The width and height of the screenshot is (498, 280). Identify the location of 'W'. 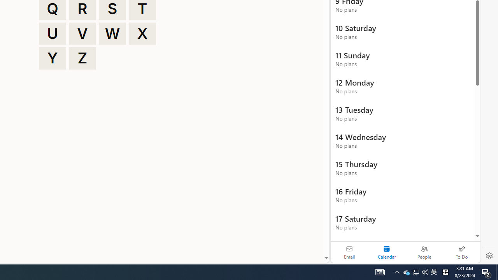
(112, 33).